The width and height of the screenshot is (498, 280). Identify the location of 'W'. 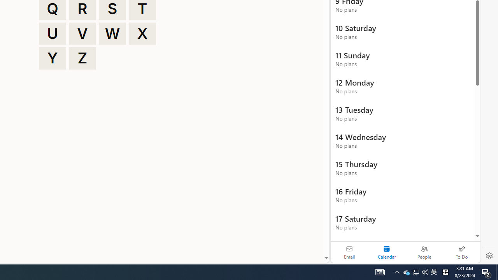
(112, 33).